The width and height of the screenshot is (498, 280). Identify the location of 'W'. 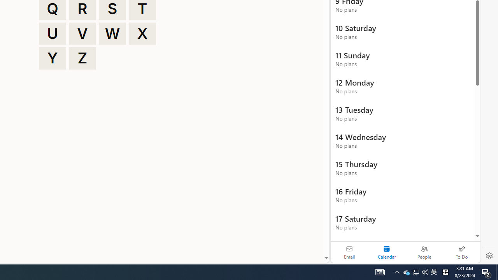
(112, 33).